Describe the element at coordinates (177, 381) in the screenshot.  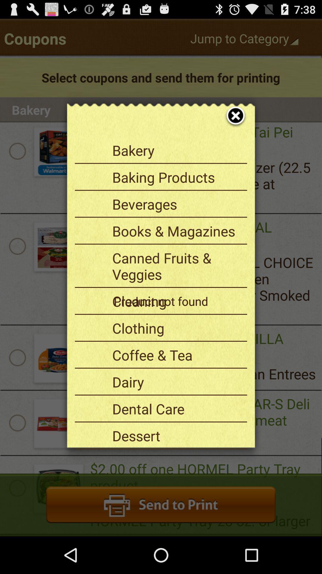
I see `the dairy icon` at that location.